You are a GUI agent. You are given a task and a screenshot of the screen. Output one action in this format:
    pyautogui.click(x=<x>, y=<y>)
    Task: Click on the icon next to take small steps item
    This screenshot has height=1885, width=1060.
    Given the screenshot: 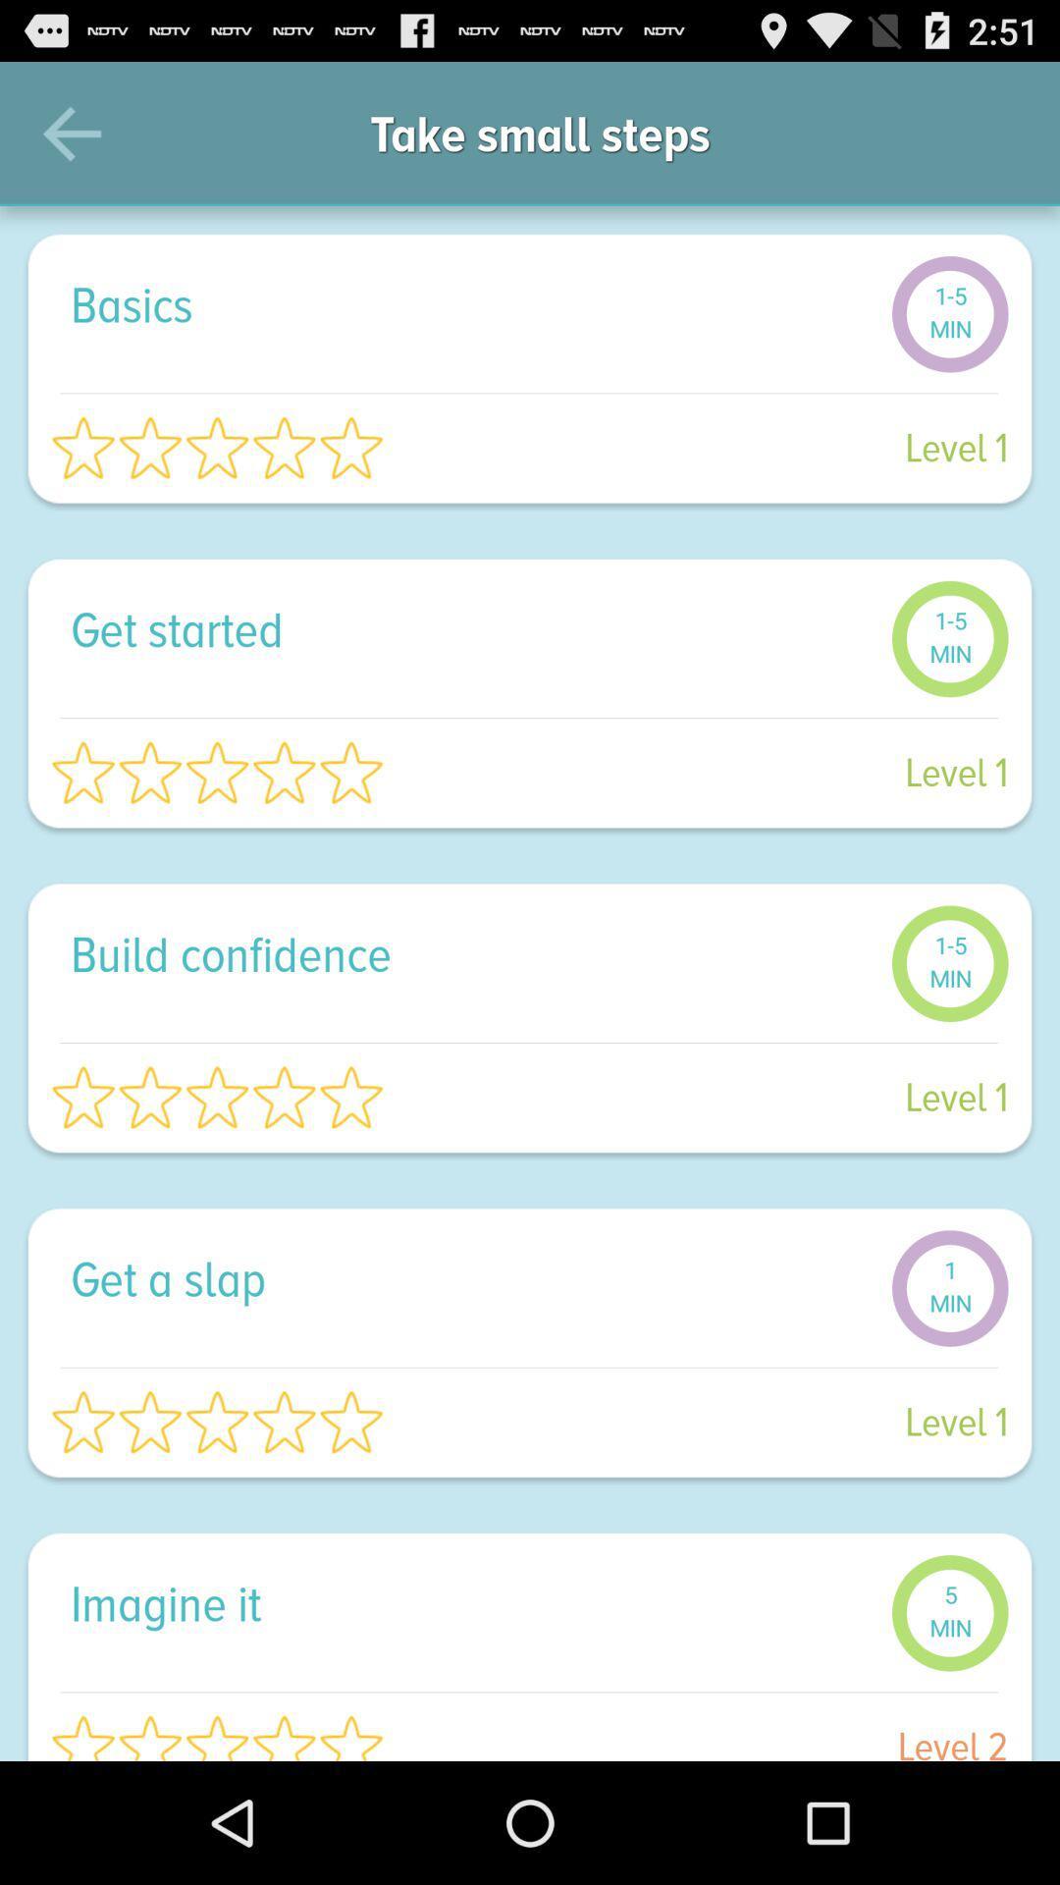 What is the action you would take?
    pyautogui.click(x=998, y=133)
    